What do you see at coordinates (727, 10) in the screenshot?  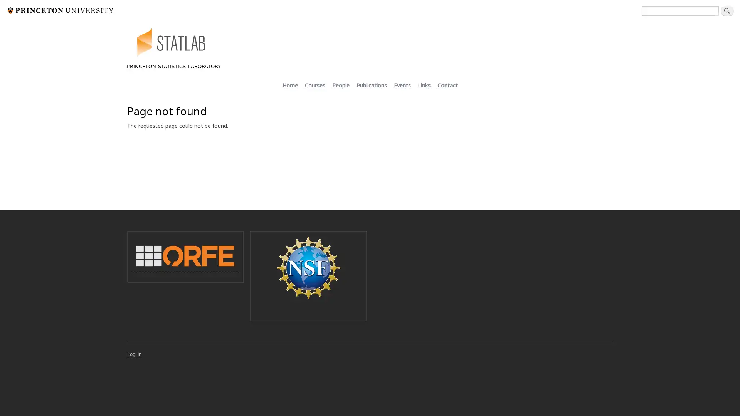 I see `Search` at bounding box center [727, 10].